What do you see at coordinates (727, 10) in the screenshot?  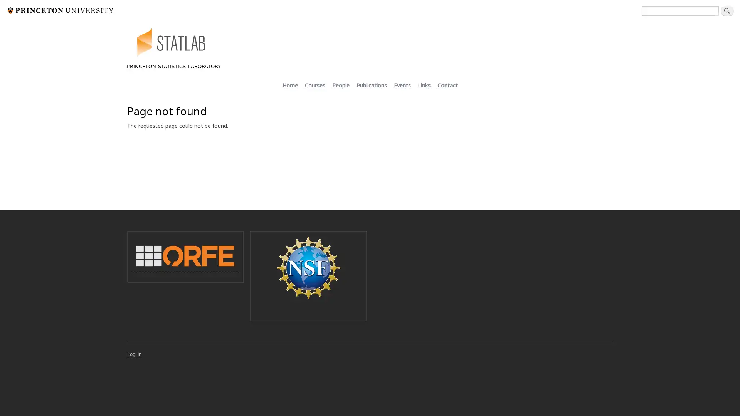 I see `Search` at bounding box center [727, 10].